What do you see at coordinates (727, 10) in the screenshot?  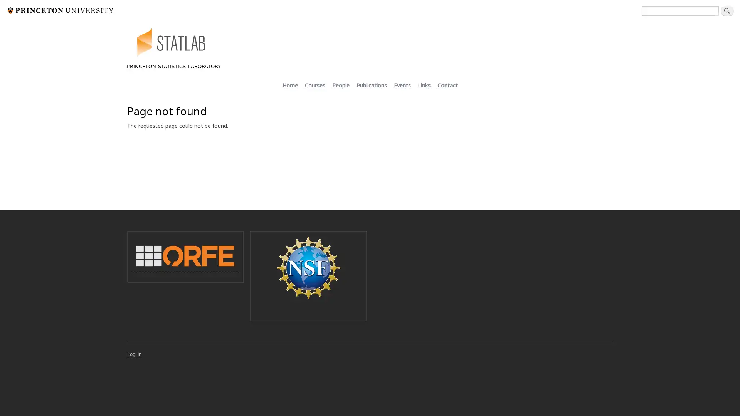 I see `Search` at bounding box center [727, 10].